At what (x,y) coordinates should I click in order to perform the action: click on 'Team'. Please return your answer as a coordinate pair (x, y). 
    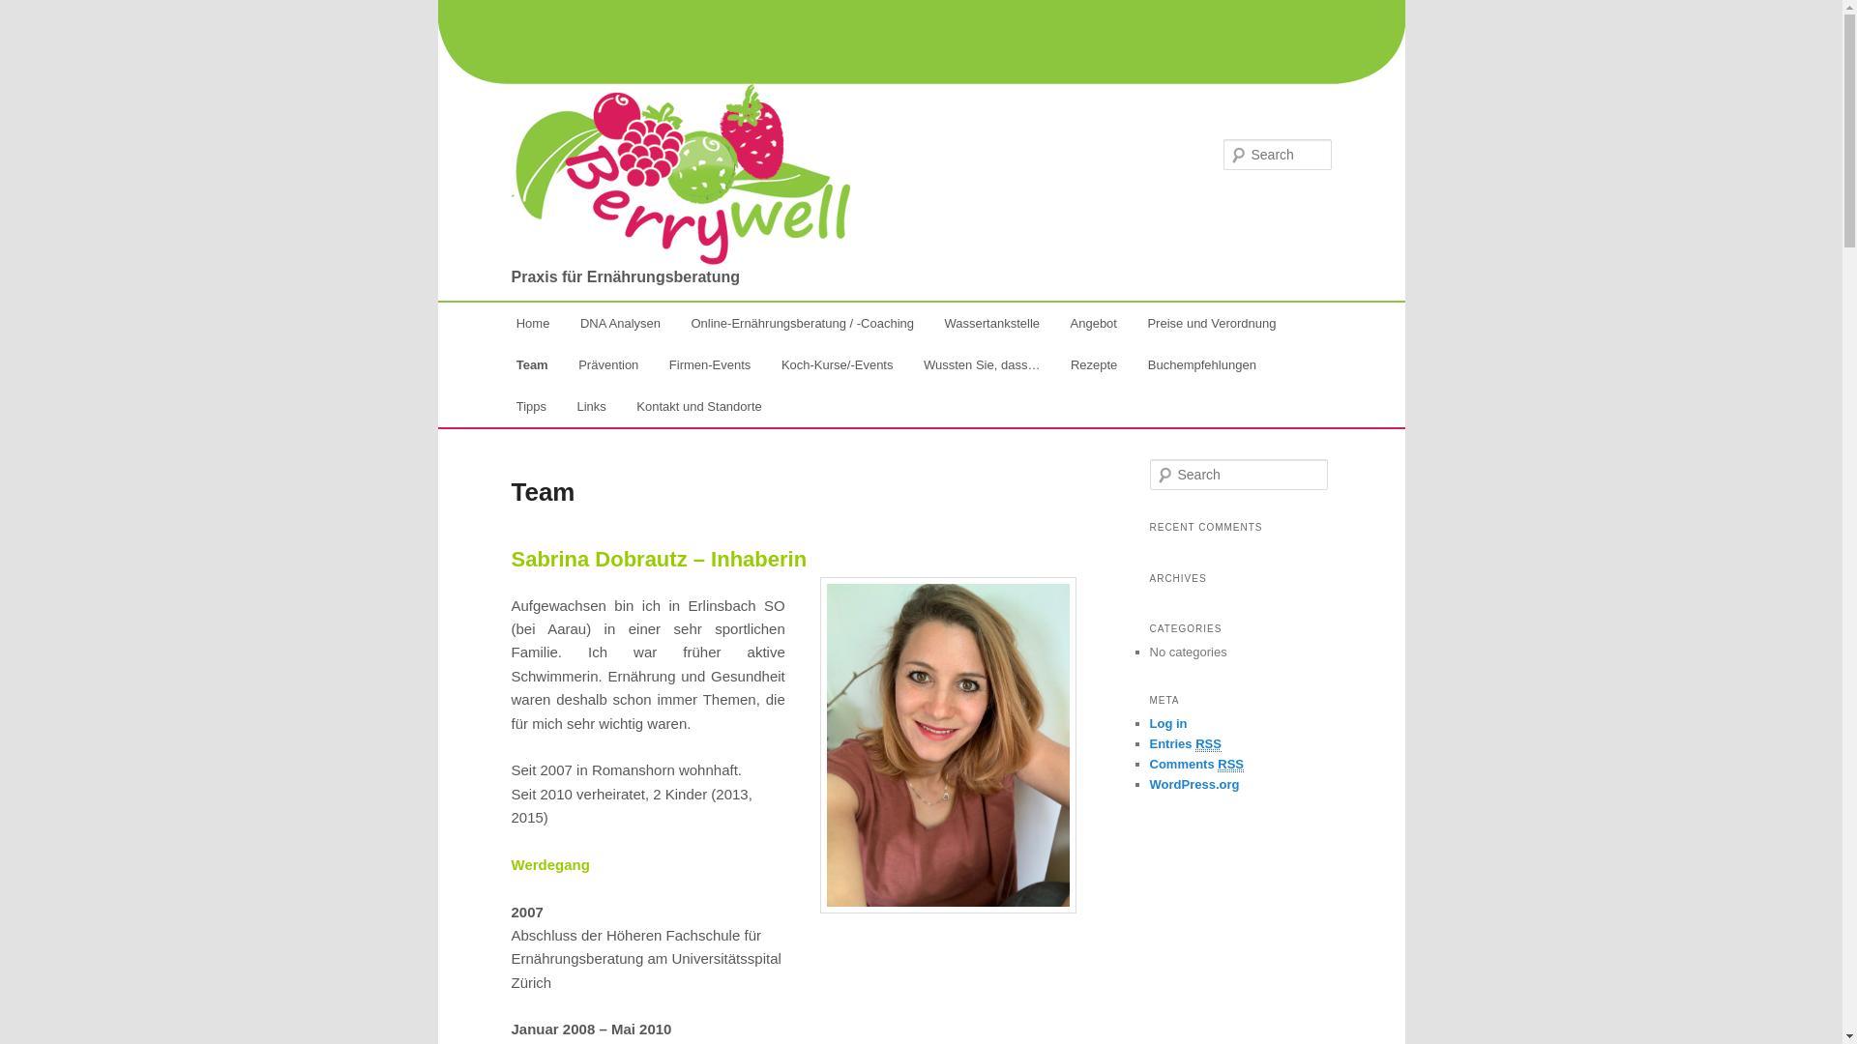
    Looking at the image, I should click on (501, 364).